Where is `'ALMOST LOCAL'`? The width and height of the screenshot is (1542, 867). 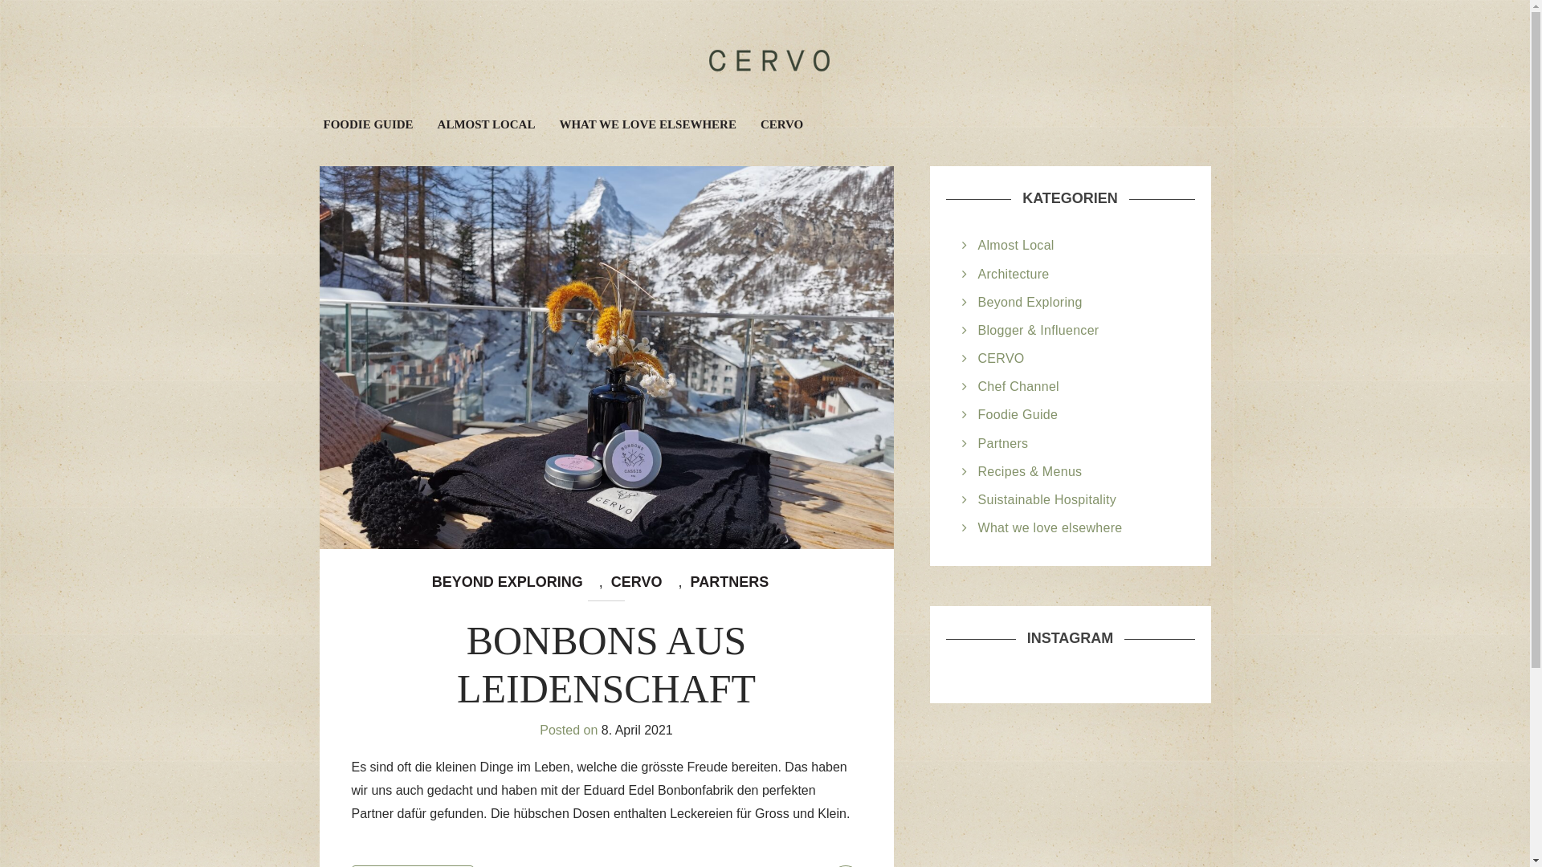 'ALMOST LOCAL' is located at coordinates (485, 123).